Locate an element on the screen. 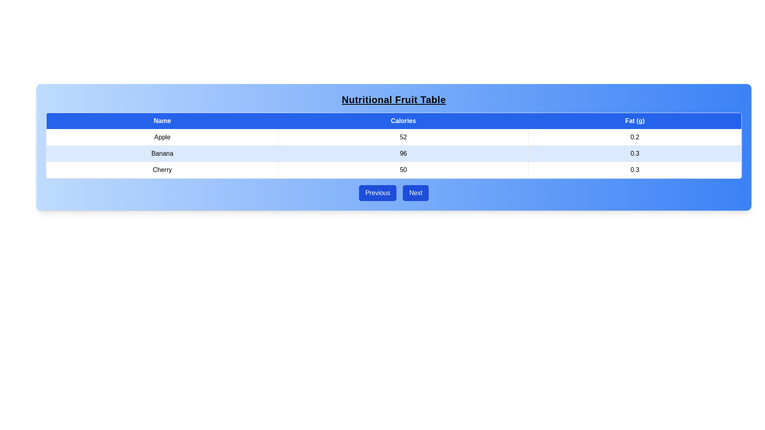 The width and height of the screenshot is (765, 430). the table cell displaying the value '50' in the 'Calories' column for 'Cherry' in the 'Nutritional Fruit Table' is located at coordinates (403, 170).